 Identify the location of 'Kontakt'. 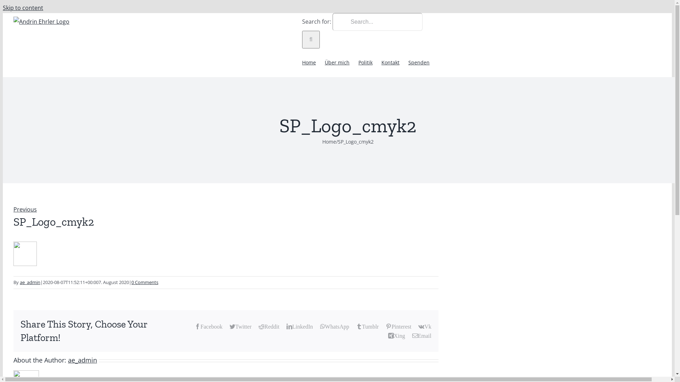
(390, 62).